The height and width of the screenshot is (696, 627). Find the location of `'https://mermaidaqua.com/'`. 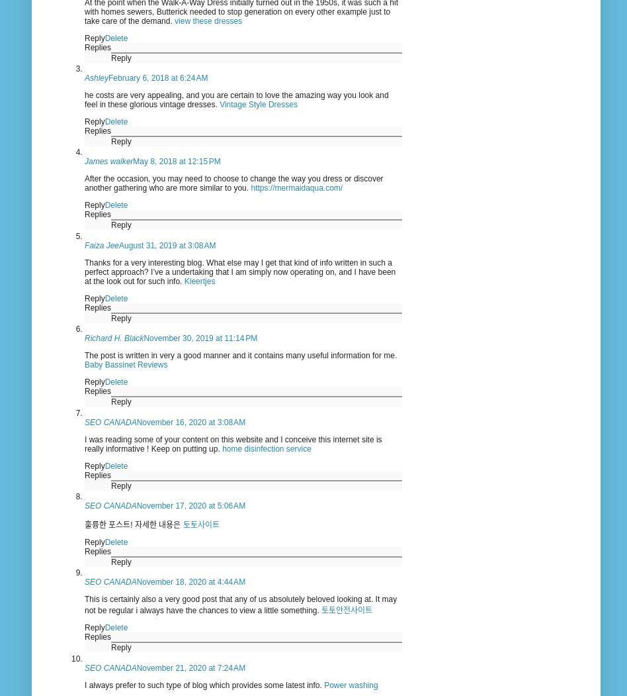

'https://mermaidaqua.com/' is located at coordinates (296, 187).